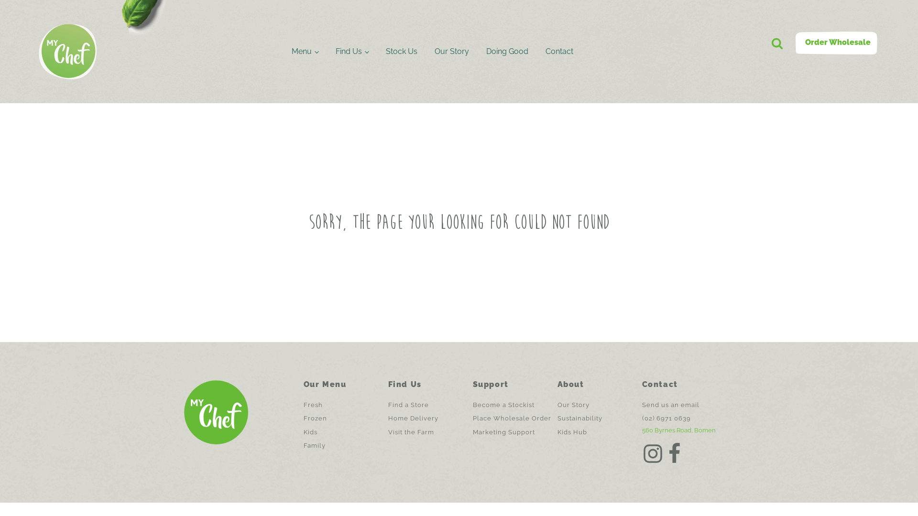  Describe the element at coordinates (511, 418) in the screenshot. I see `'Place Wholesale Order'` at that location.